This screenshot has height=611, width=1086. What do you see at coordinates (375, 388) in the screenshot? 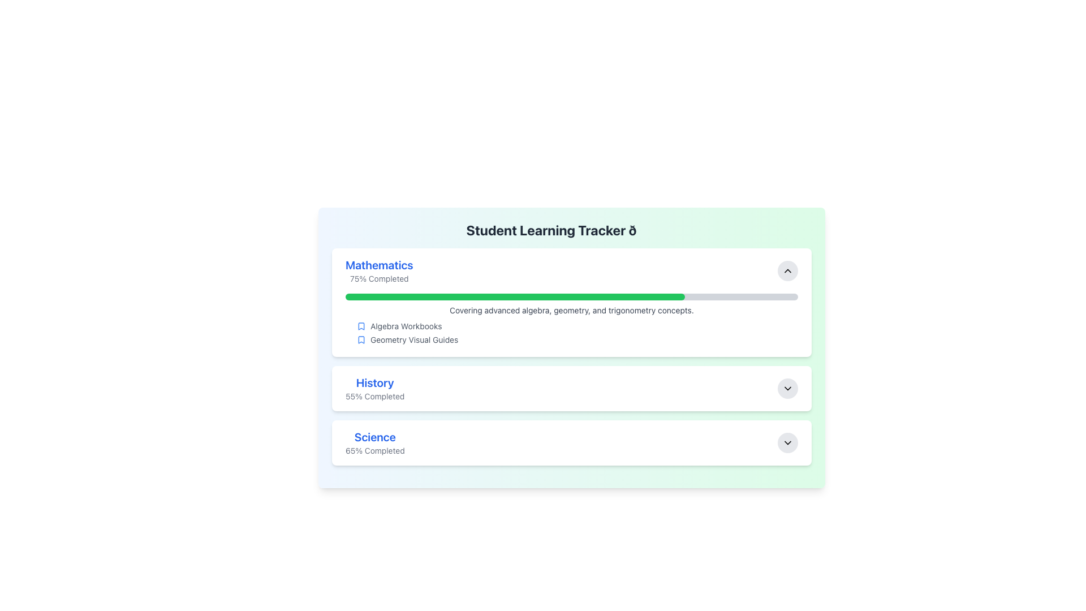
I see `text display showing 'History' and '55% Completed' to understand progress information` at bounding box center [375, 388].